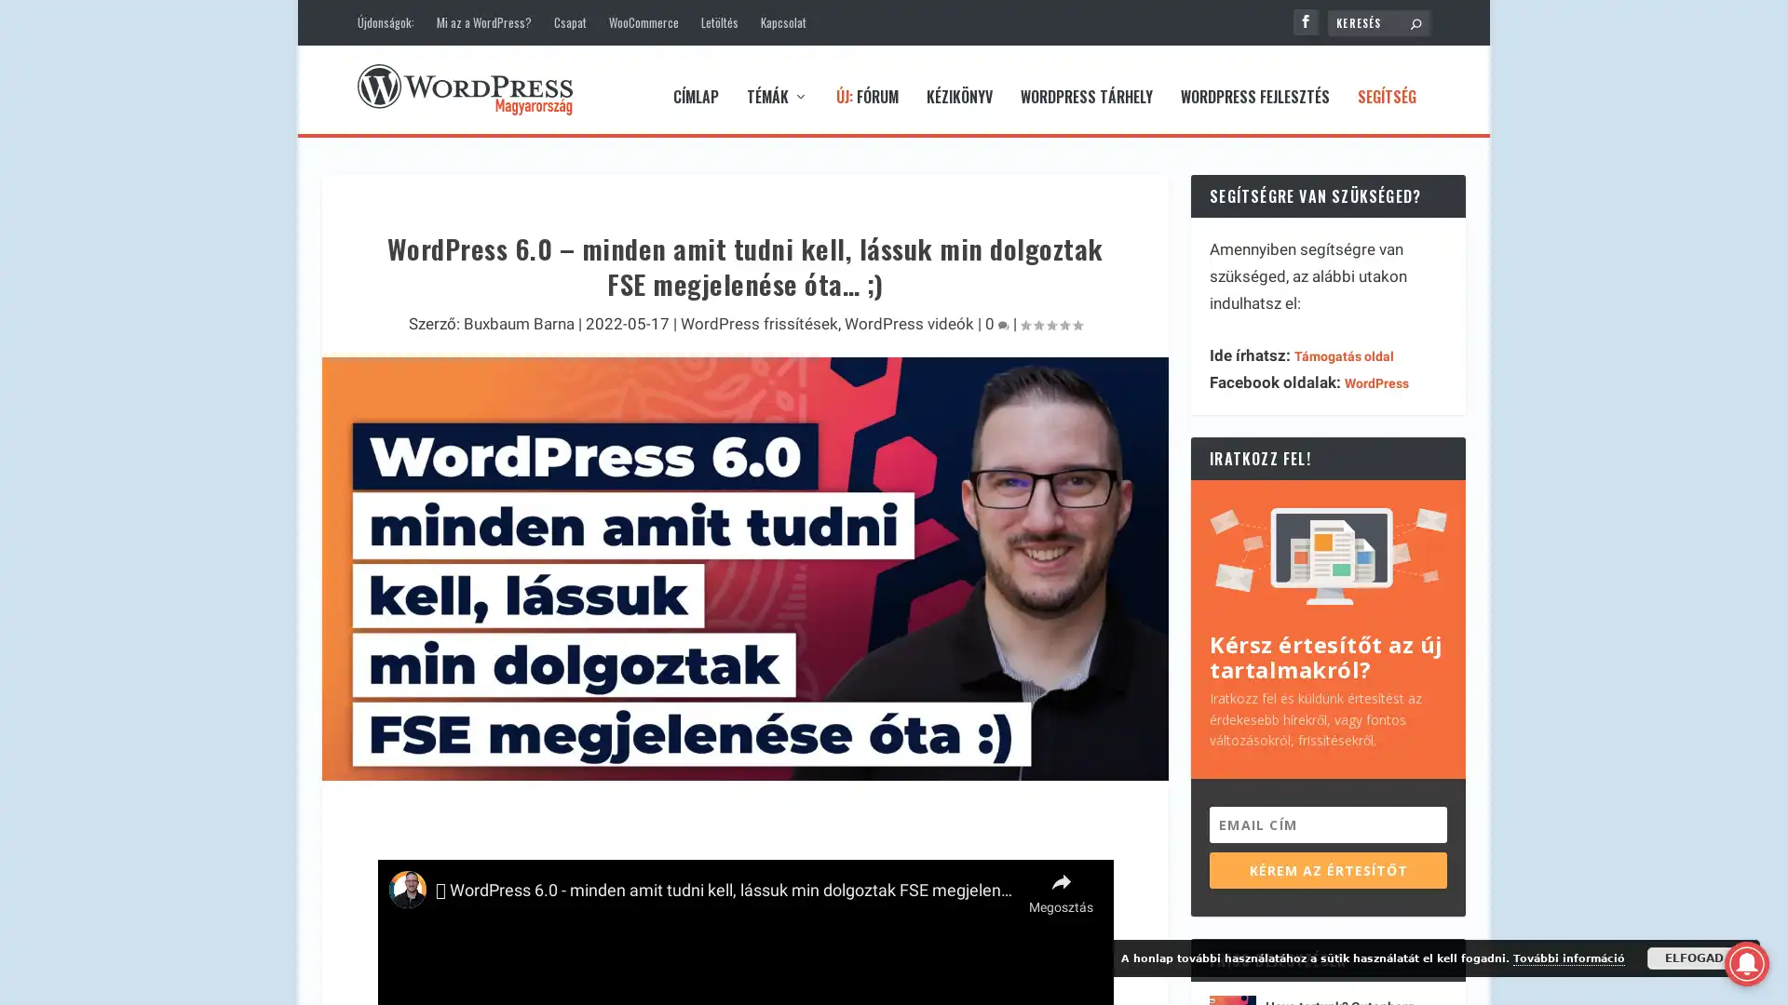 The width and height of the screenshot is (1788, 1005). Describe the element at coordinates (1694, 958) in the screenshot. I see `ELFOGAD` at that location.